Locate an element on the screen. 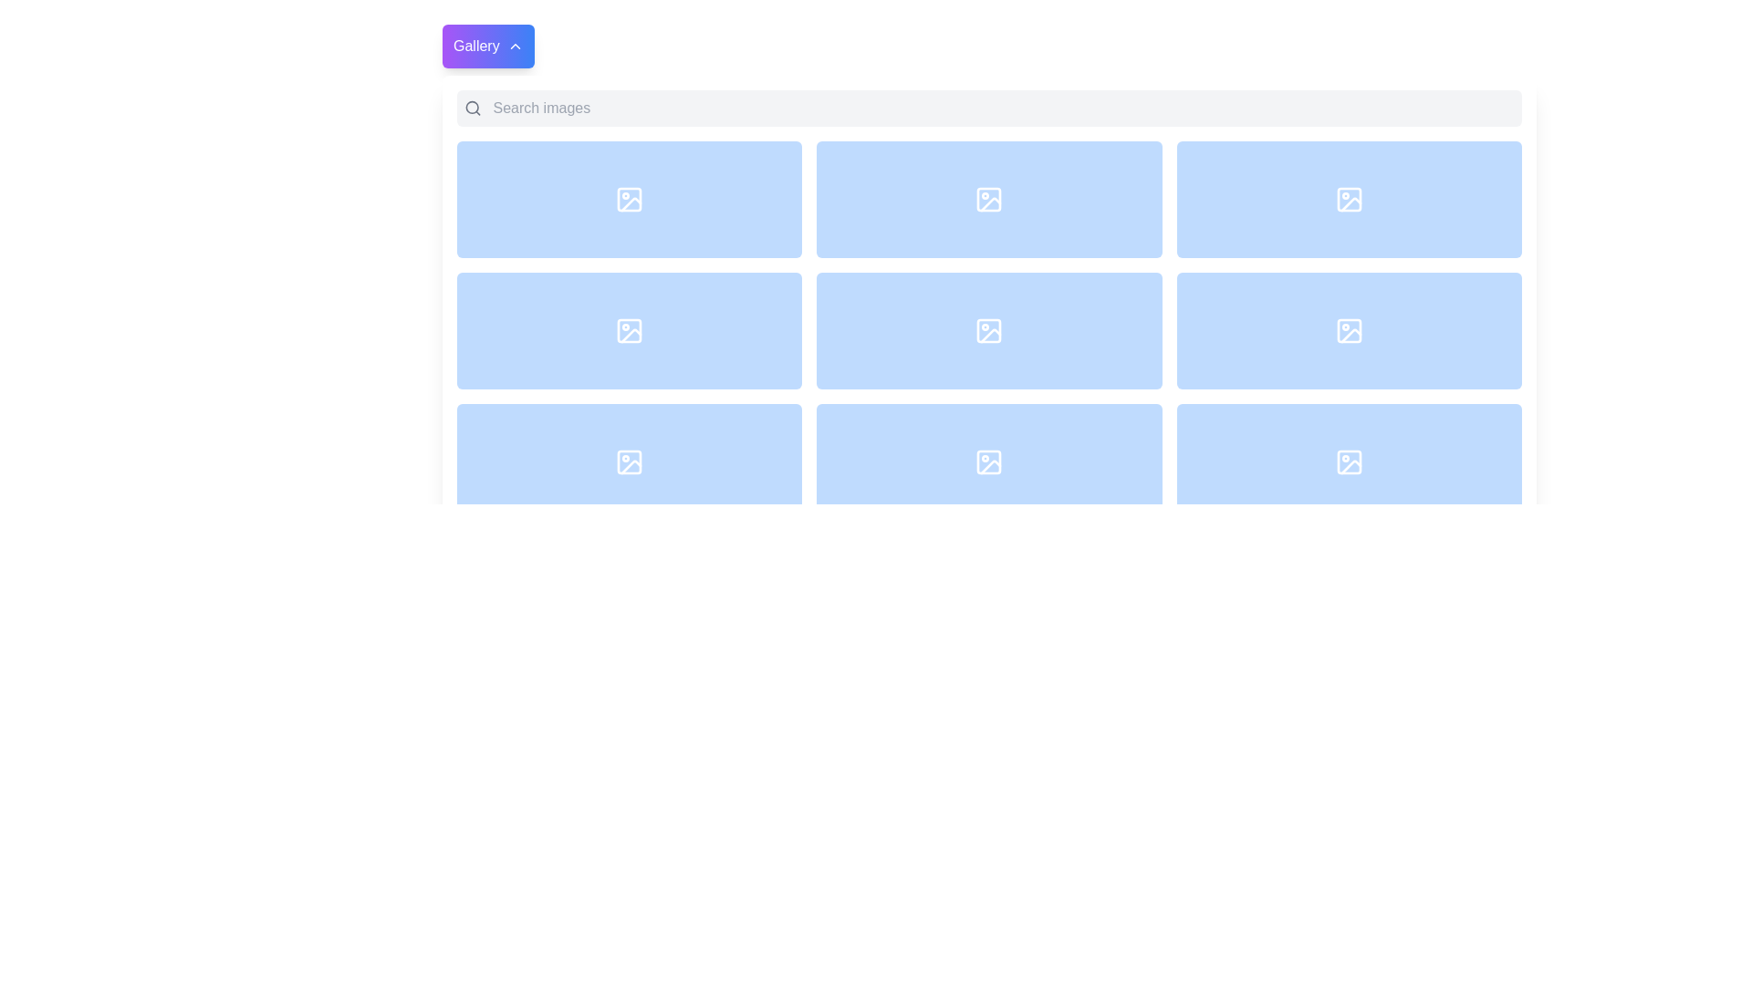 The width and height of the screenshot is (1752, 985). the light blue rectangular button with rounded corners that contains a white image placeholder icon, located is located at coordinates (1349, 200).